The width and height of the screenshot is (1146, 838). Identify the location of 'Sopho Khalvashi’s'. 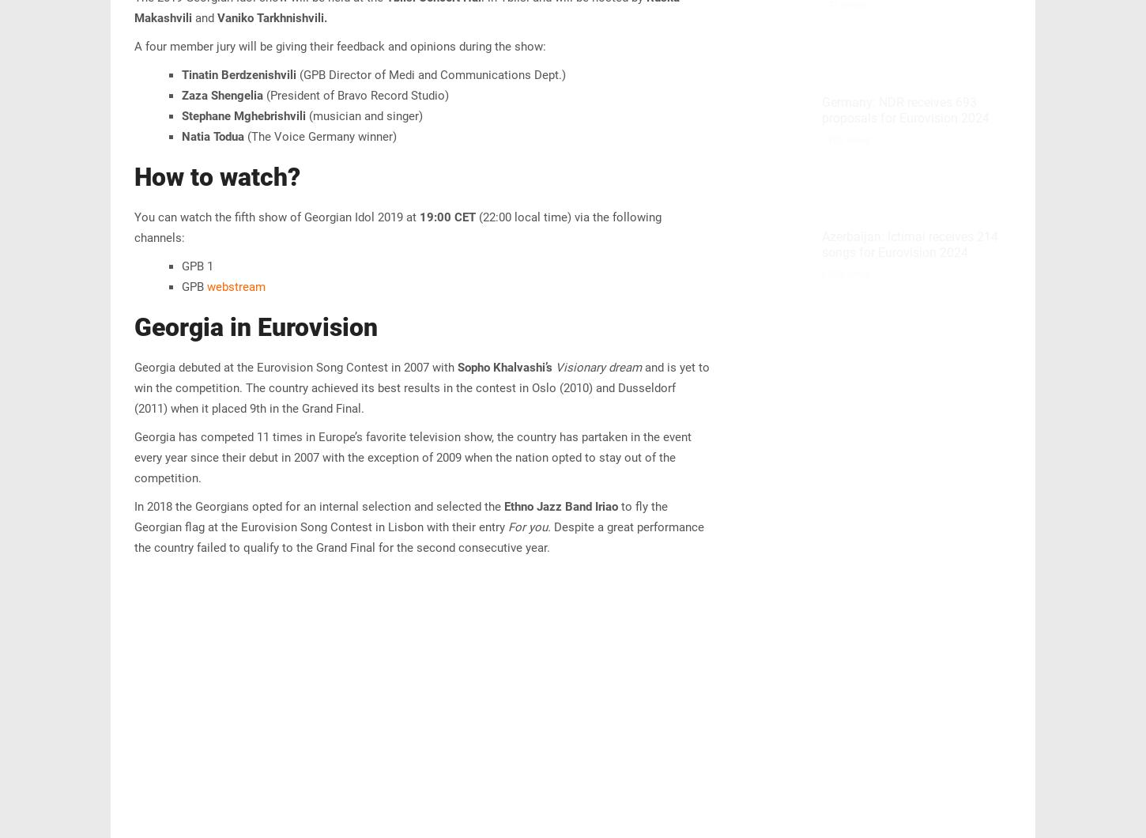
(504, 367).